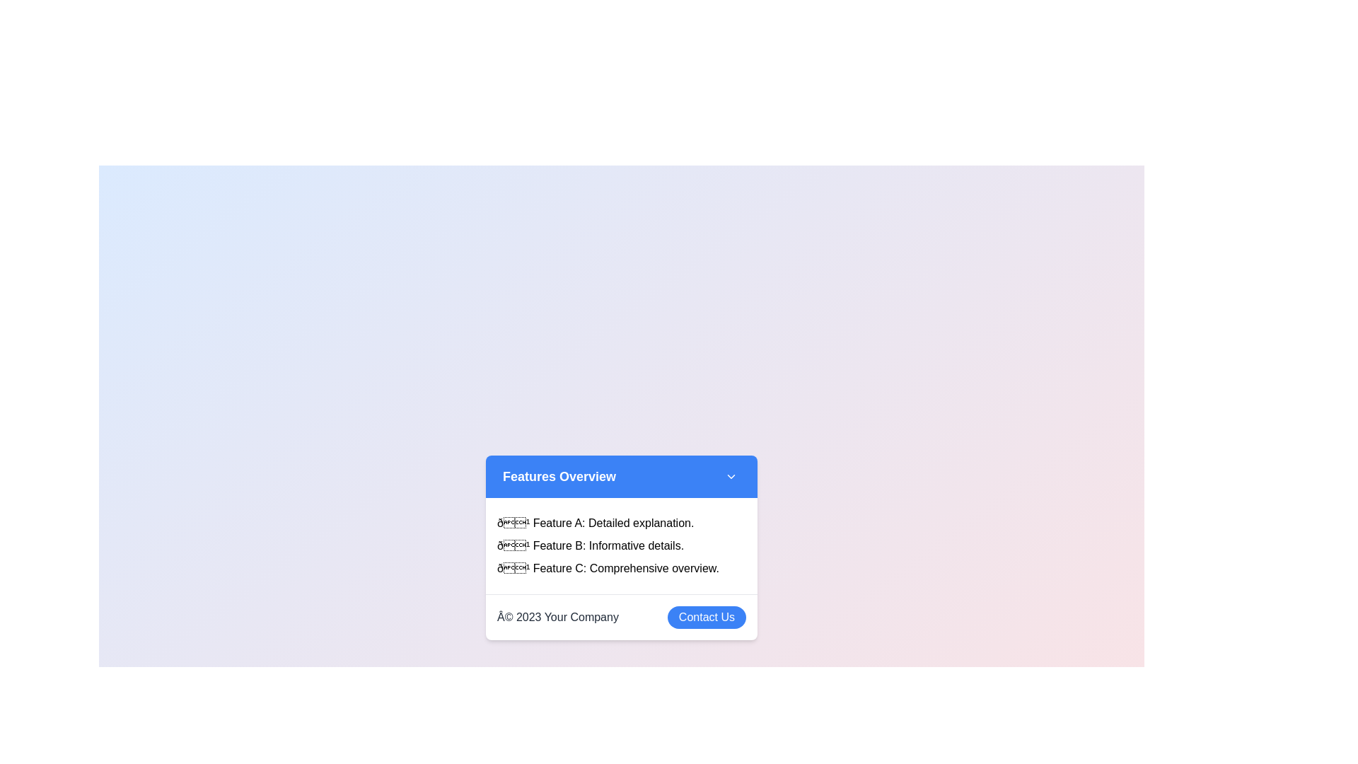 The image size is (1358, 764). What do you see at coordinates (621, 545) in the screenshot?
I see `the component line from the Text list element which displays multiple features under the 'Features Overview' dropdown header` at bounding box center [621, 545].